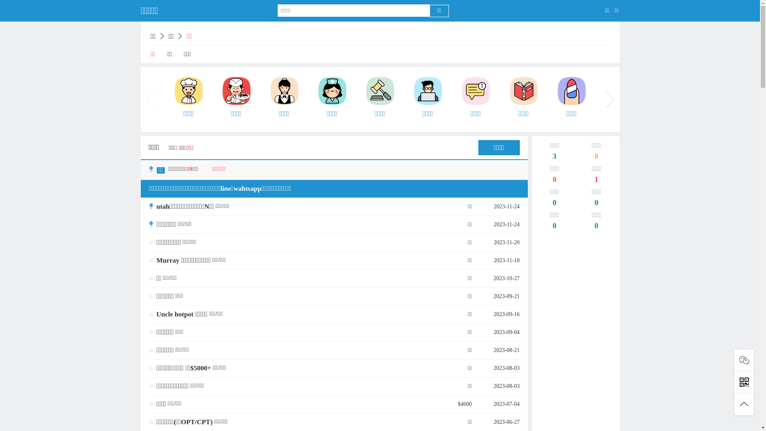  What do you see at coordinates (554, 226) in the screenshot?
I see `'0'` at bounding box center [554, 226].